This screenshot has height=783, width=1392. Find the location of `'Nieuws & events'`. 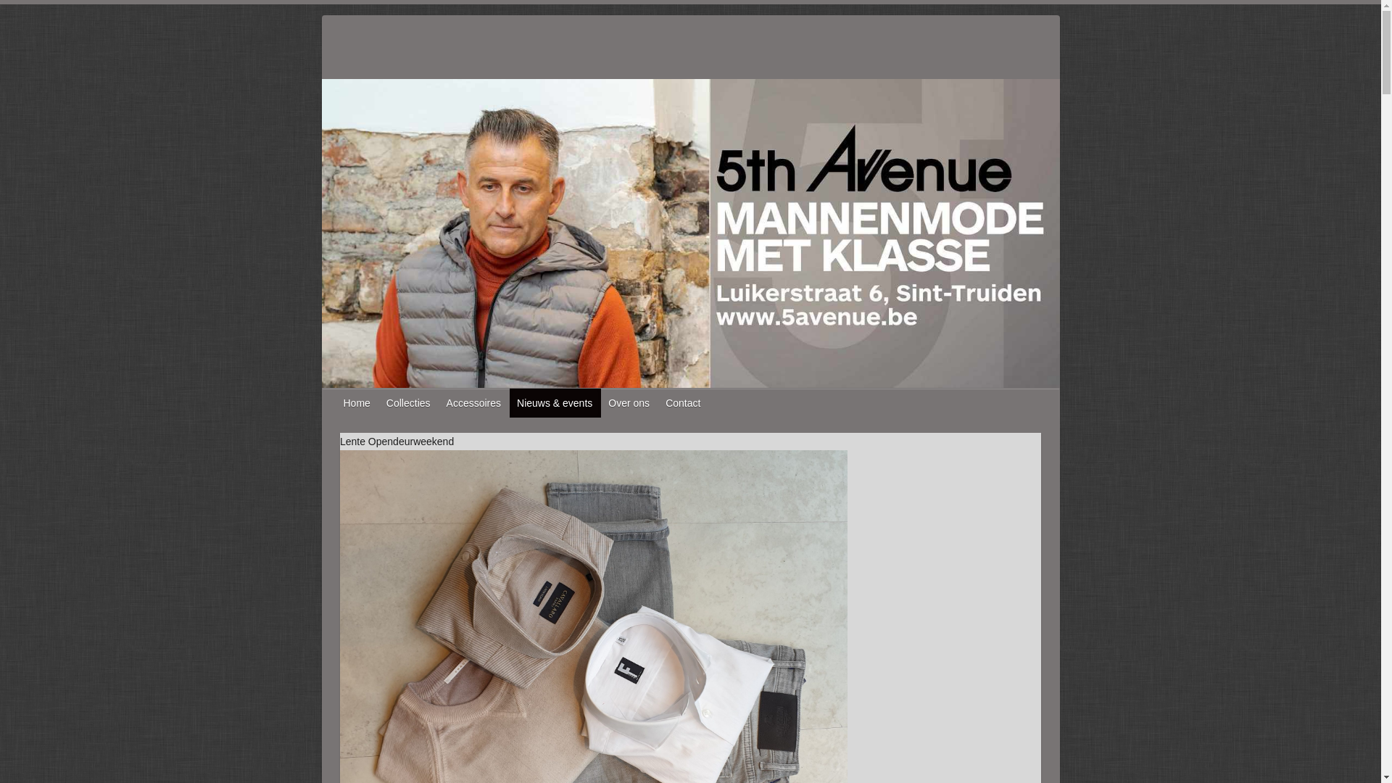

'Nieuws & events' is located at coordinates (509, 402).